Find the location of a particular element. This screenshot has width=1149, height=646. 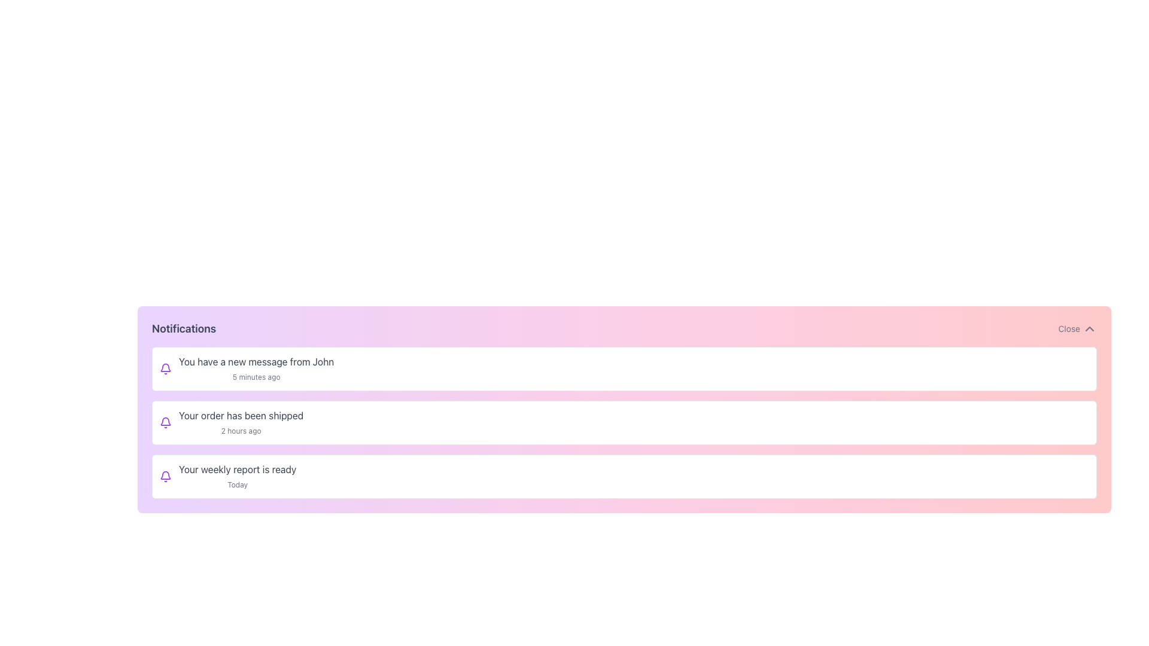

the 'Close' button located at the far right of the header section is located at coordinates (1077, 329).